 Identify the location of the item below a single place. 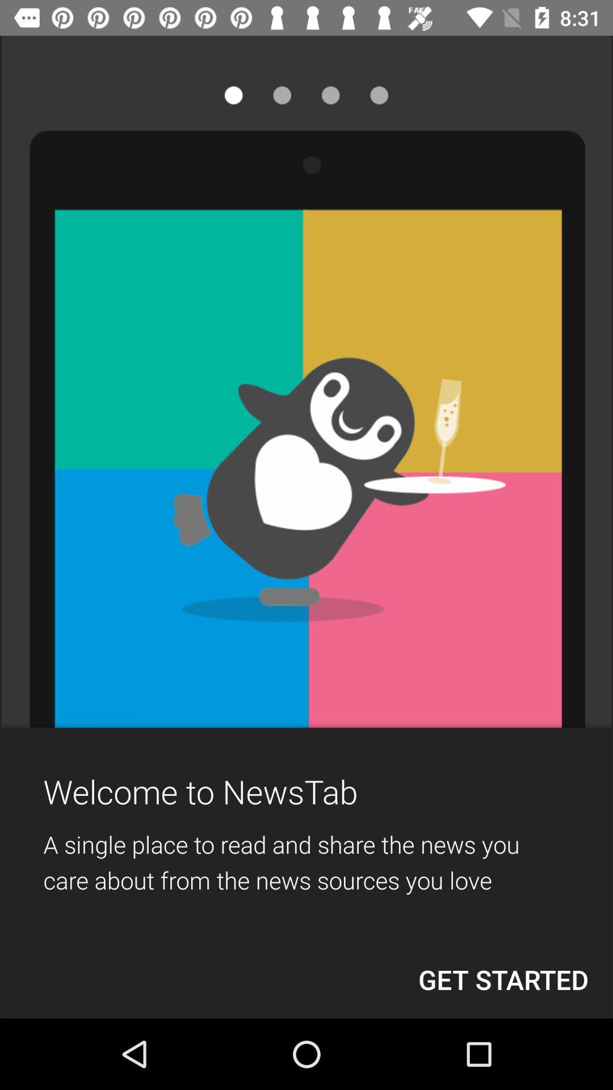
(503, 979).